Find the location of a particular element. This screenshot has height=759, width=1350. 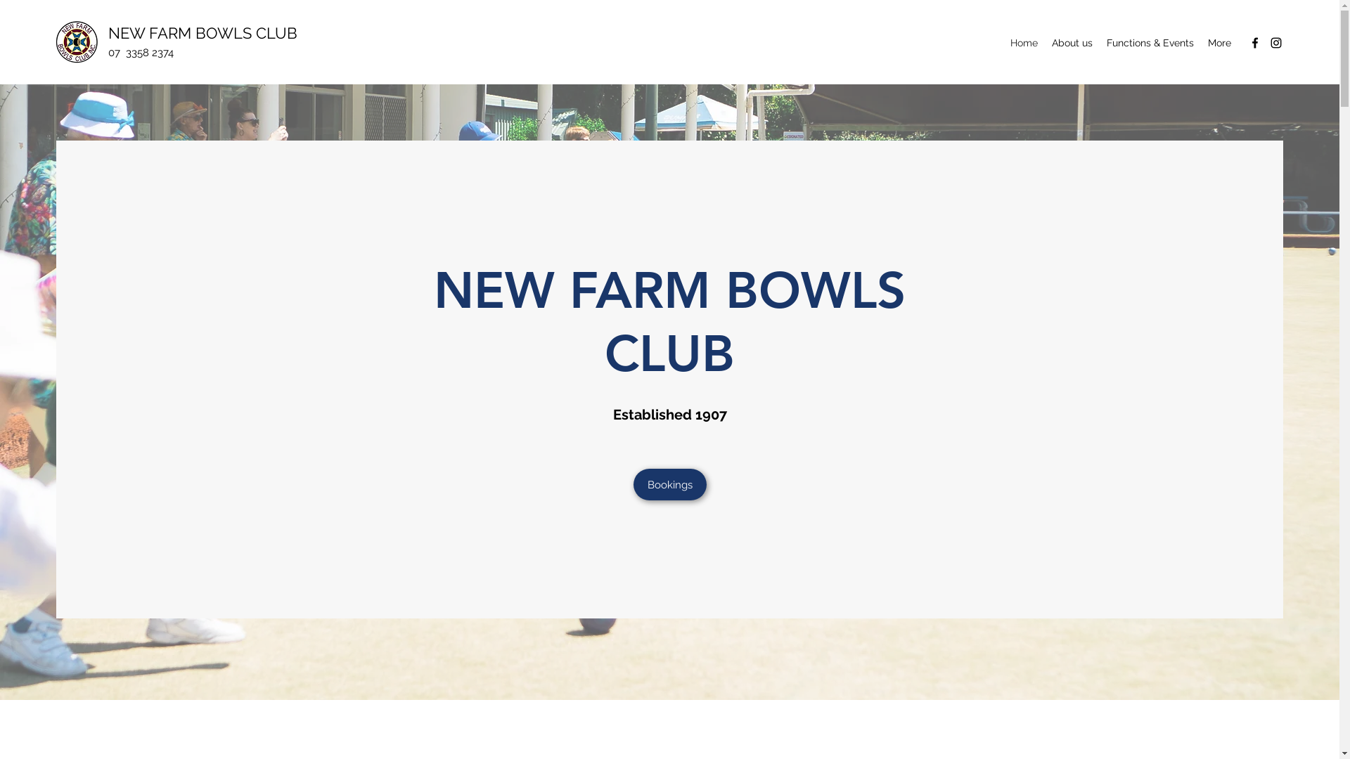

'About us' is located at coordinates (1045, 42).